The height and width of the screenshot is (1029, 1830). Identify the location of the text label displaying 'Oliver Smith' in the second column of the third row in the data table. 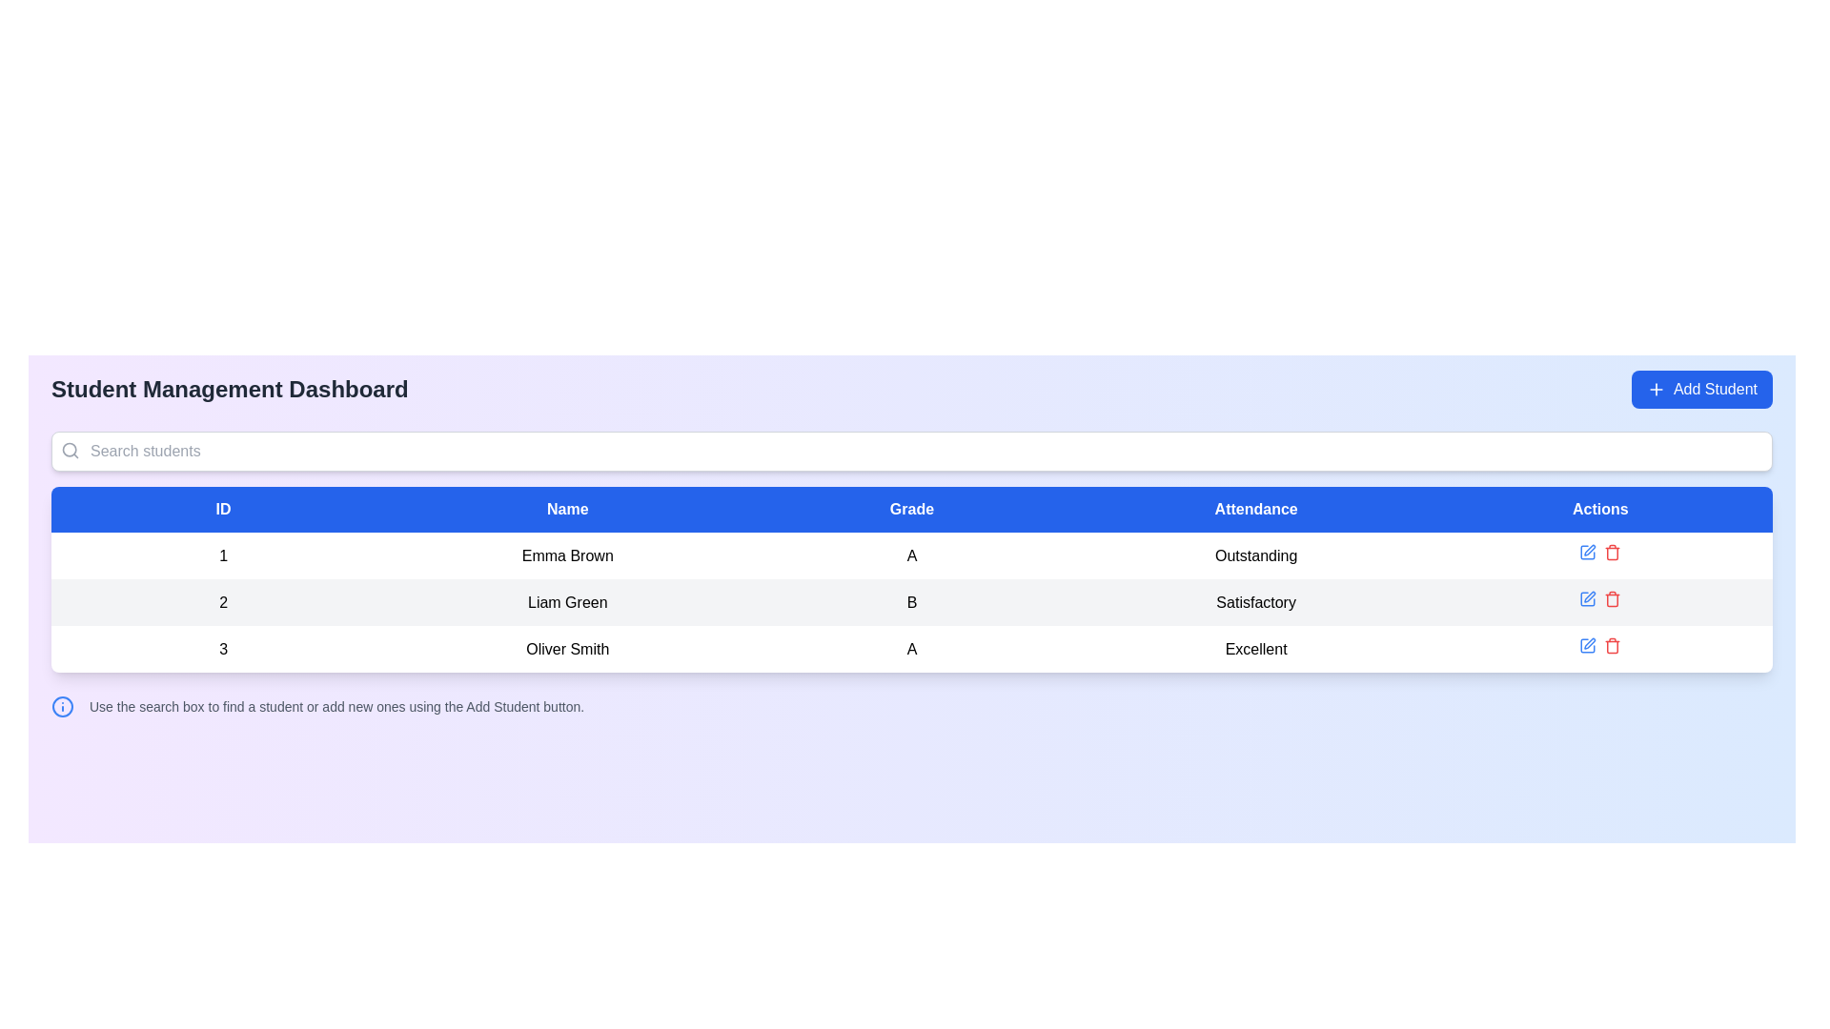
(566, 648).